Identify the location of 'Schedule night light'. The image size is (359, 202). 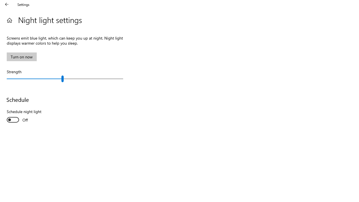
(27, 116).